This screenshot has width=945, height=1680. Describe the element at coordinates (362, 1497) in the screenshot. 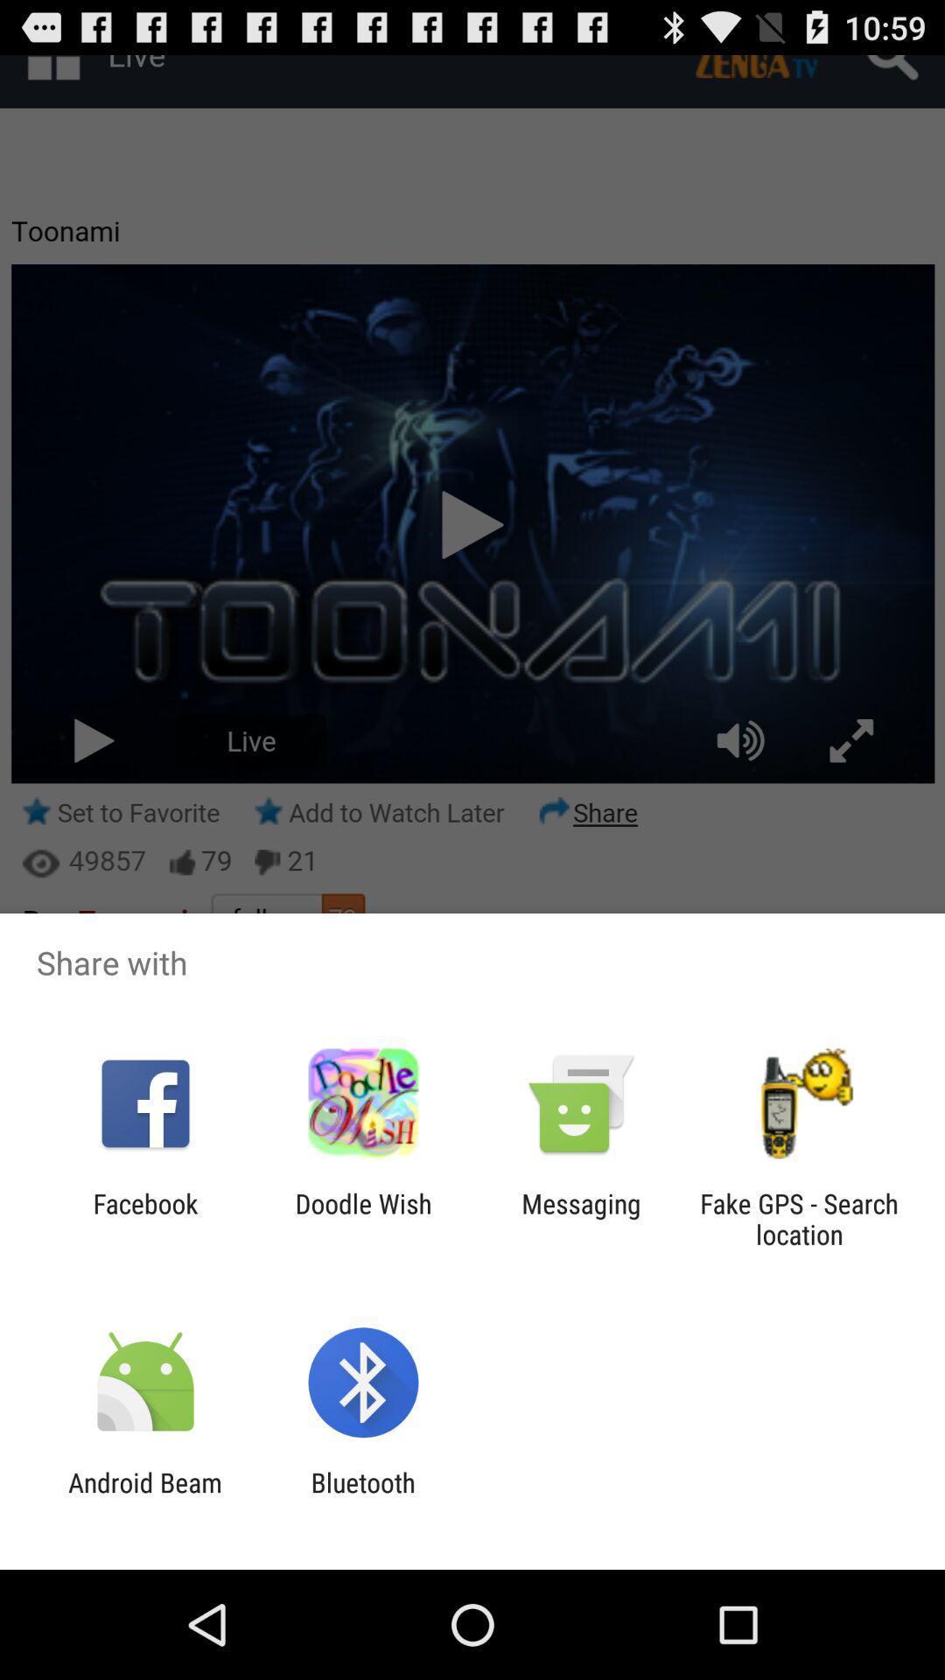

I see `the bluetooth` at that location.